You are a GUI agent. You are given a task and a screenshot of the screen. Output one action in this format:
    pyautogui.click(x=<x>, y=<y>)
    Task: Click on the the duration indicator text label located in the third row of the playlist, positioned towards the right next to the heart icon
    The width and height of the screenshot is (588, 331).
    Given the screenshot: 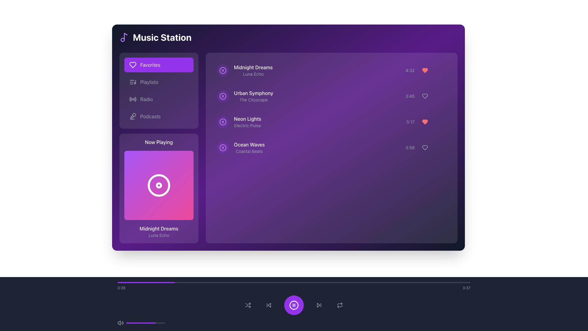 What is the action you would take?
    pyautogui.click(x=410, y=96)
    